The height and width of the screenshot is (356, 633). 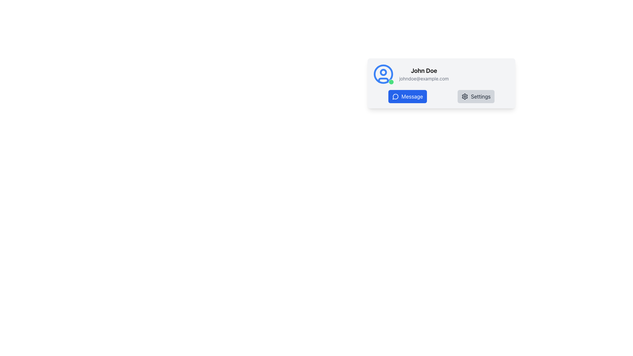 I want to click on the circular blue user avatar icon with a green badge located at the left end of the layout containing the username 'John Doe' and email 'johndoe@example.com', so click(x=383, y=74).